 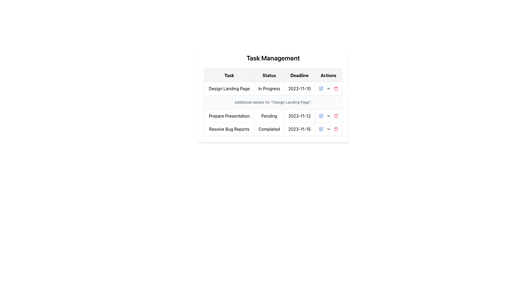 What do you see at coordinates (299, 129) in the screenshot?
I see `the Text display that shows the deadline date for the 'Resolve Bug Reports' task in the 'Deadline' column of the task management interface` at bounding box center [299, 129].